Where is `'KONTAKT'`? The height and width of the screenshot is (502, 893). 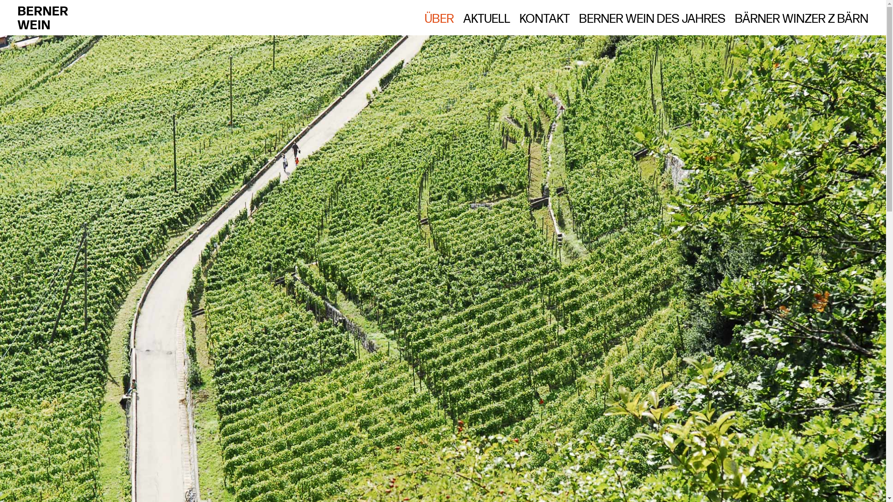 'KONTAKT' is located at coordinates (545, 19).